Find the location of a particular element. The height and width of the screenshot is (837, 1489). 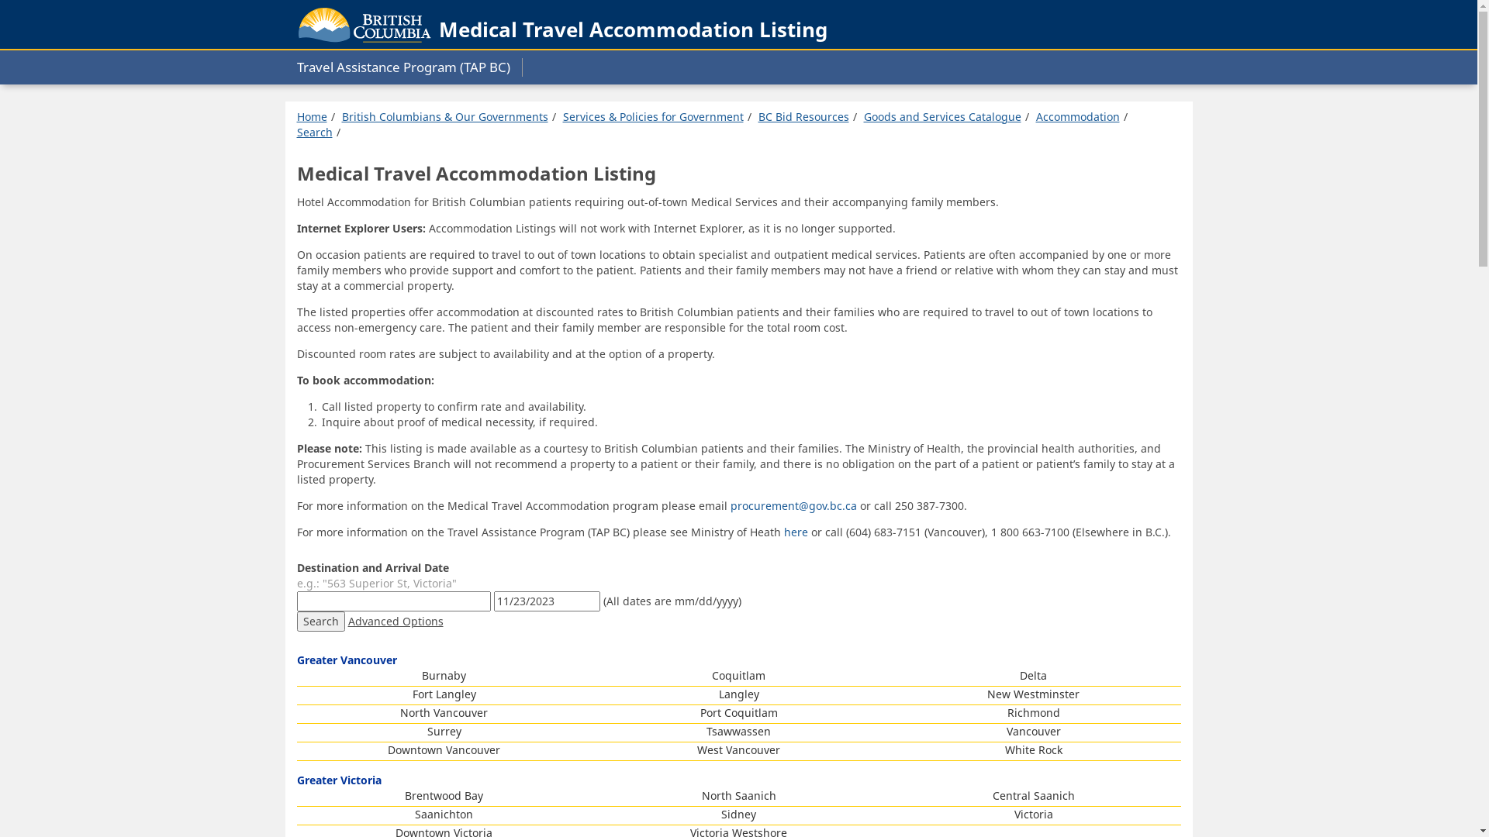

'Search' is located at coordinates (296, 131).